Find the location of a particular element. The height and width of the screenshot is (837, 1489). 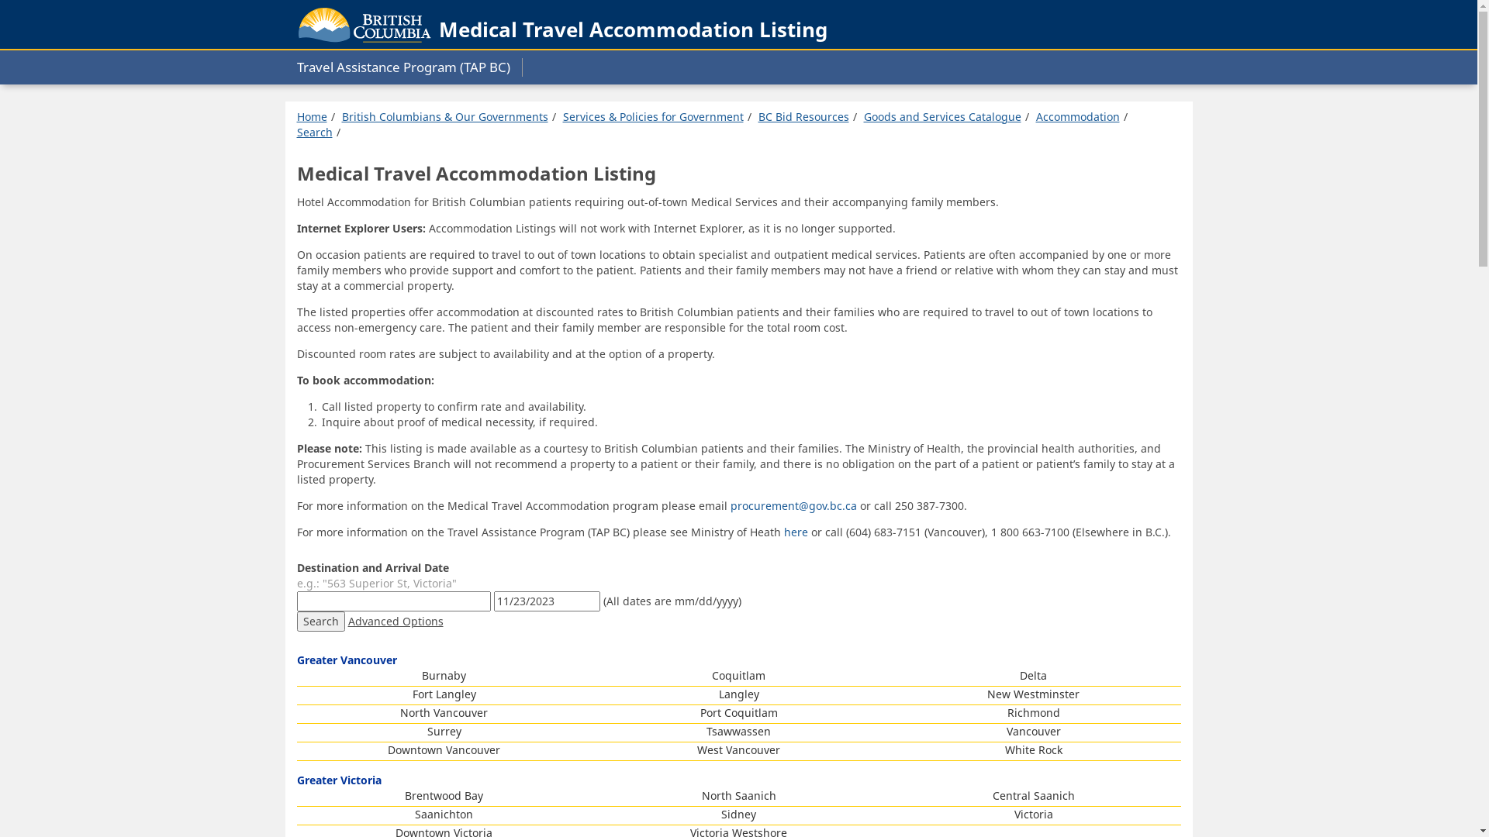

'Search' is located at coordinates (296, 131).